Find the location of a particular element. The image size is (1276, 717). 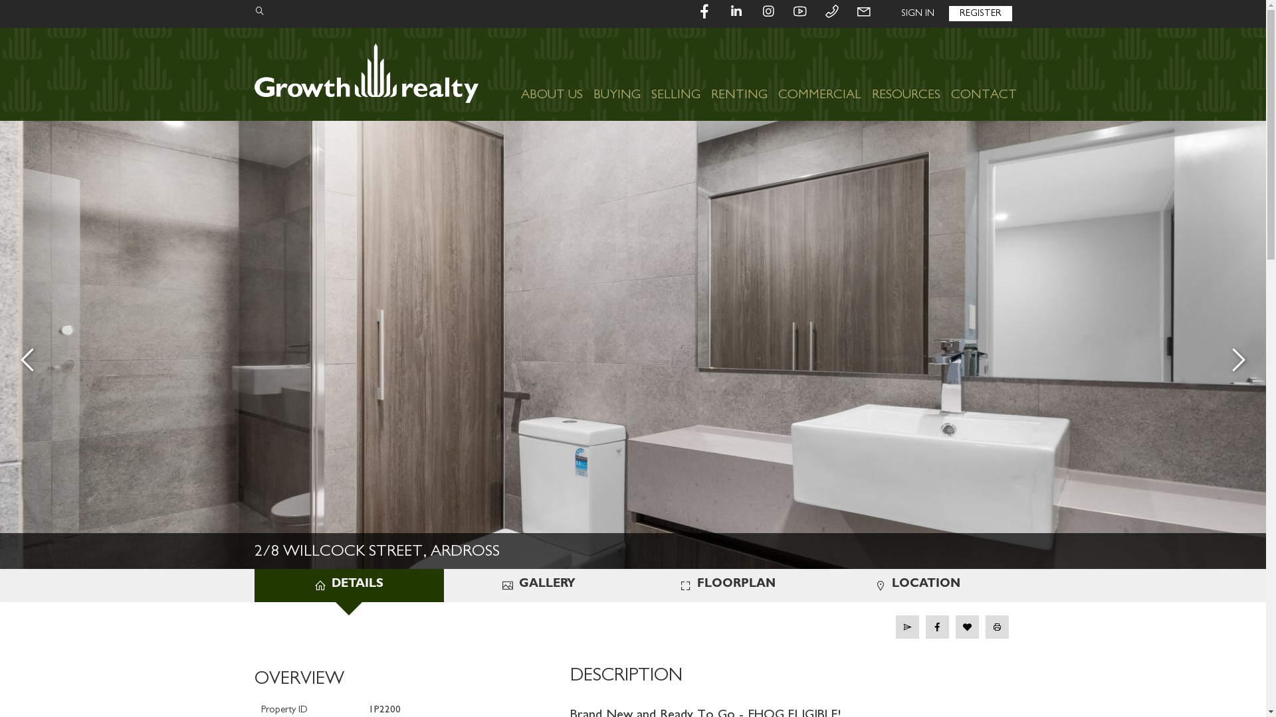

'REGISTER' is located at coordinates (980, 13).